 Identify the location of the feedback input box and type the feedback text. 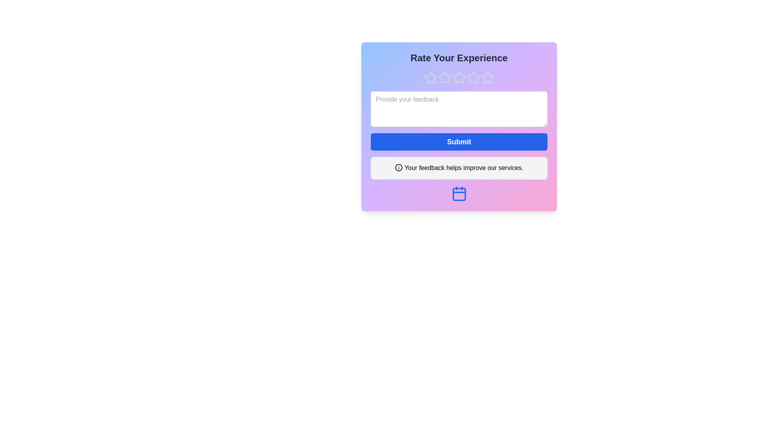
(459, 109).